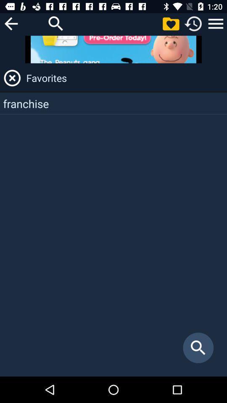  What do you see at coordinates (193, 23) in the screenshot?
I see `recents` at bounding box center [193, 23].